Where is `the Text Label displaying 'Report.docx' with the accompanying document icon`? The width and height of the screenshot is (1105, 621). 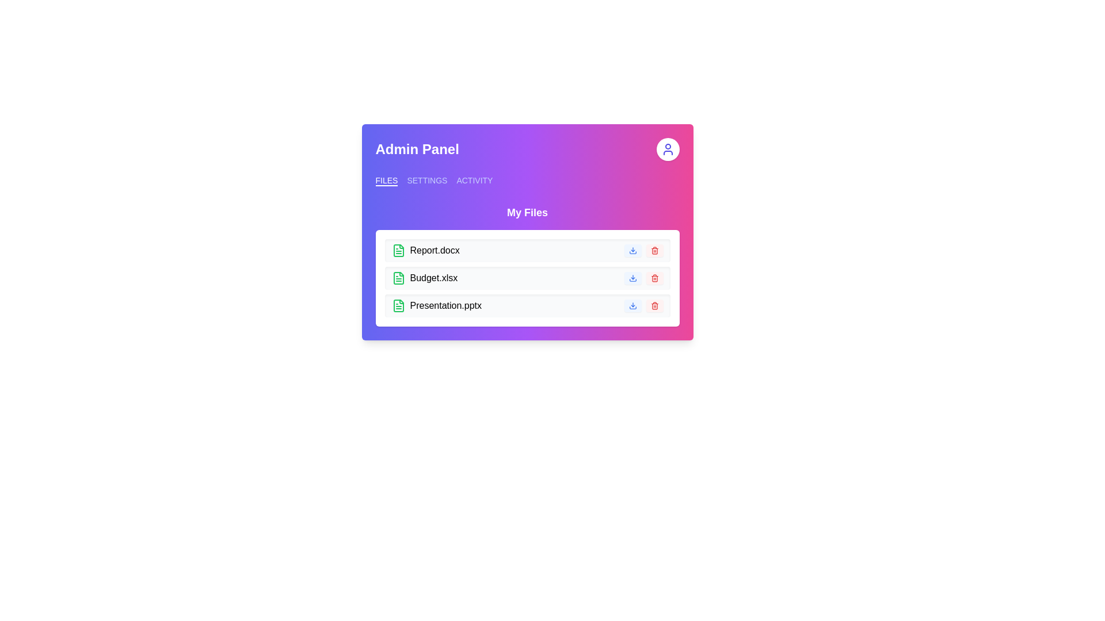 the Text Label displaying 'Report.docx' with the accompanying document icon is located at coordinates (425, 250).